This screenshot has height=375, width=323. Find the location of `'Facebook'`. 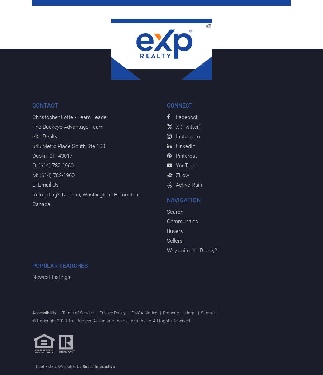

'Facebook' is located at coordinates (187, 117).